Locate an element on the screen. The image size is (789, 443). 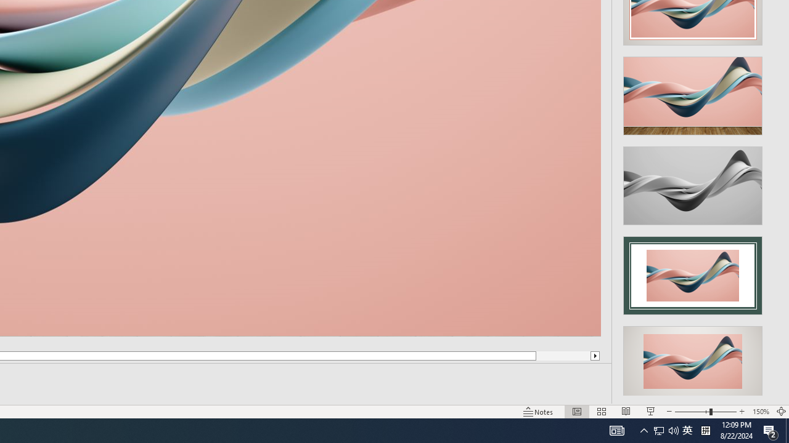
'Zoom 150%' is located at coordinates (760, 412).